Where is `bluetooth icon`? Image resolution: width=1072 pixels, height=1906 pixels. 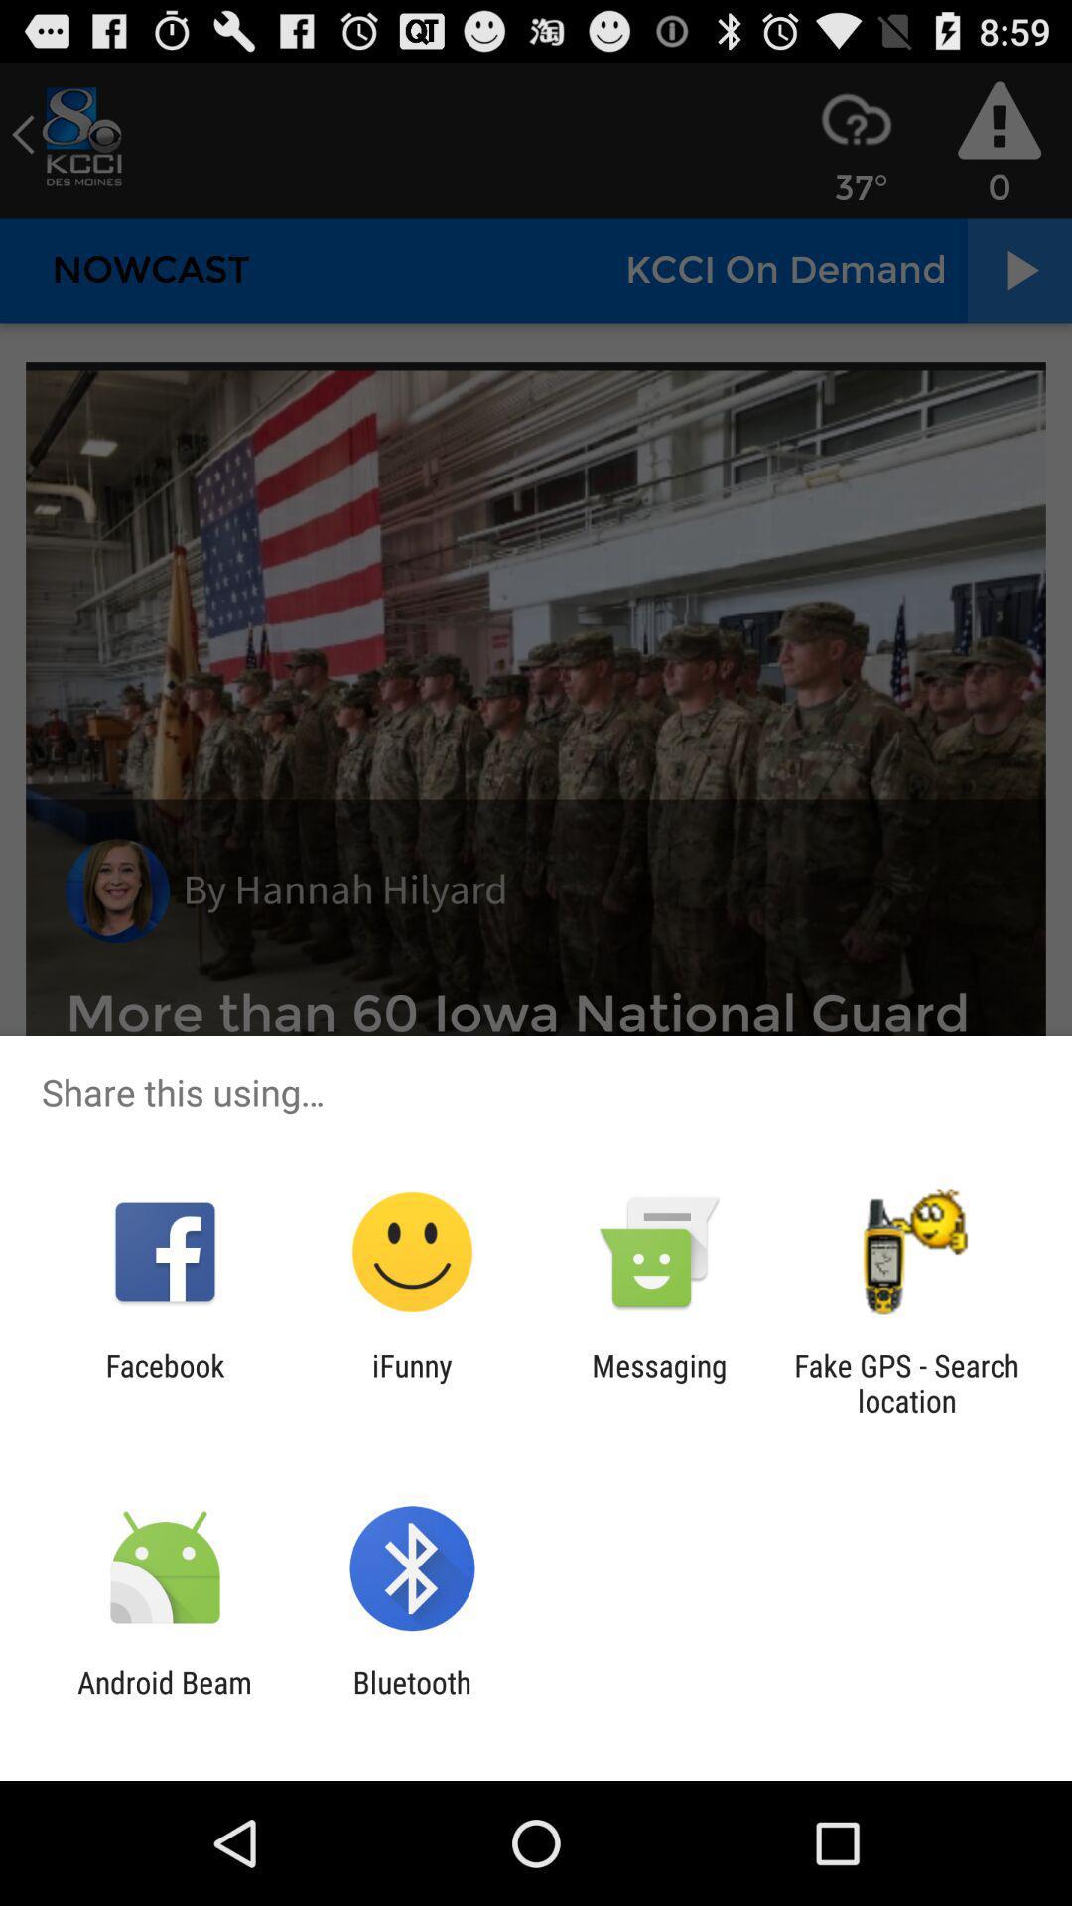 bluetooth icon is located at coordinates (411, 1699).